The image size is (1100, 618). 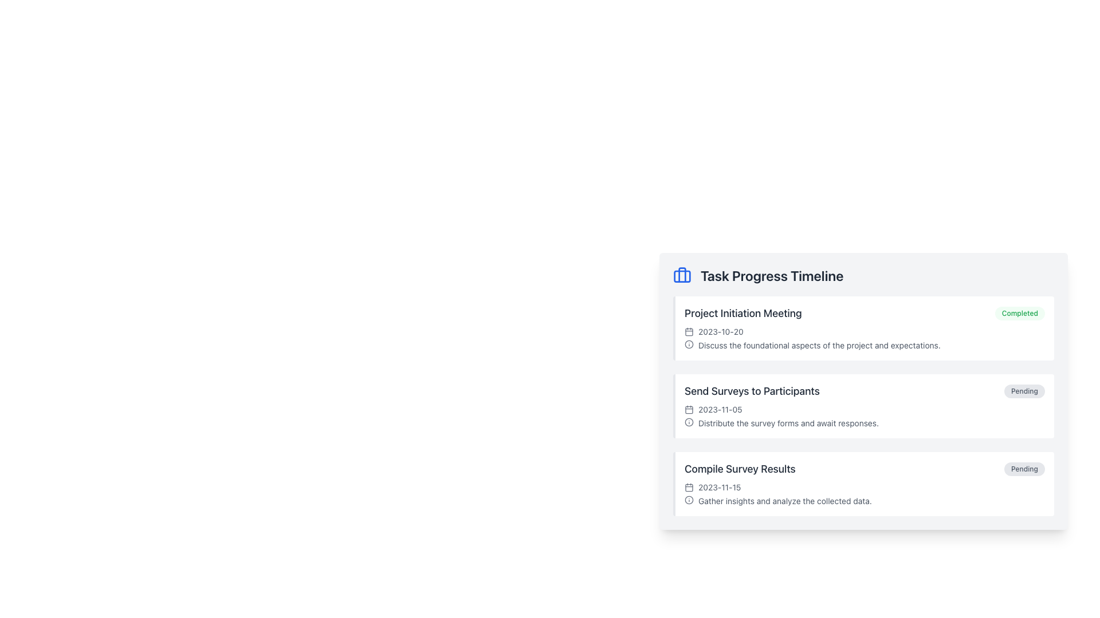 What do you see at coordinates (689, 500) in the screenshot?
I see `the SVG Circle element that represents an informational or alert symbol, located next to the 'Compile Survey Results' section in the 'Task Progress Timeline'` at bounding box center [689, 500].